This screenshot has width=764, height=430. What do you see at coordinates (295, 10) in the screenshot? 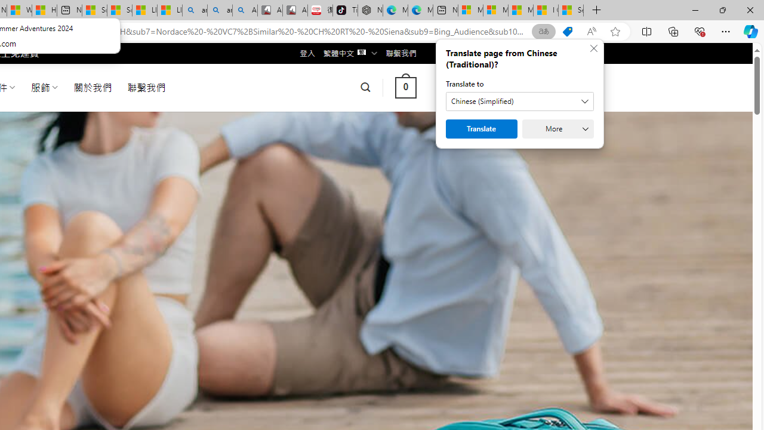
I see `'All Cubot phones'` at bounding box center [295, 10].